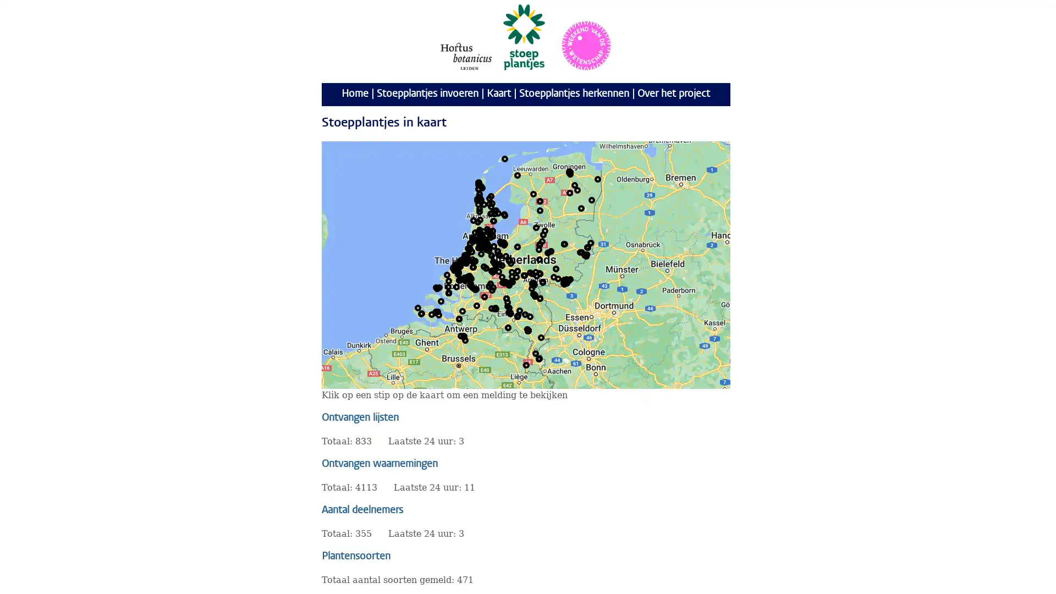 Image resolution: width=1056 pixels, height=594 pixels. What do you see at coordinates (504, 215) in the screenshot?
I see `Telling van Soraya op 08 oktober 2021` at bounding box center [504, 215].